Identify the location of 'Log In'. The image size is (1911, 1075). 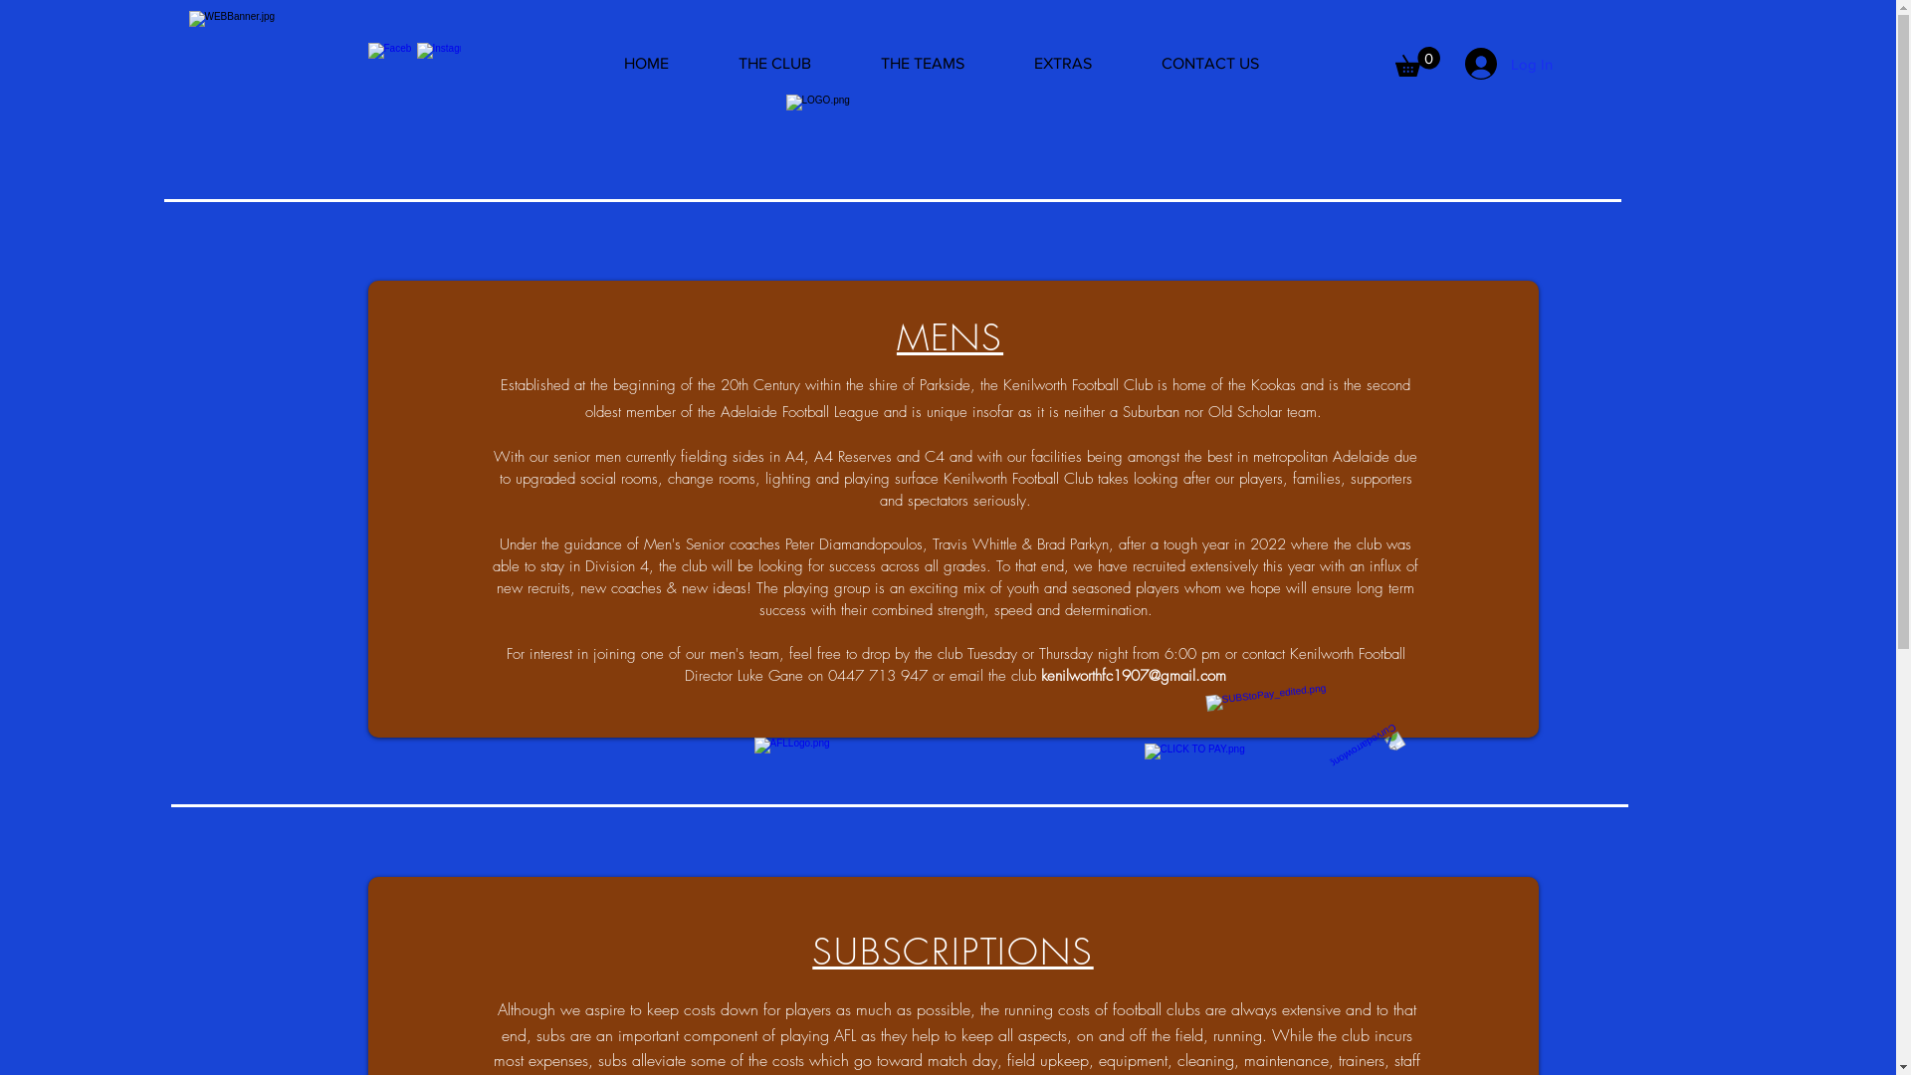
(1509, 63).